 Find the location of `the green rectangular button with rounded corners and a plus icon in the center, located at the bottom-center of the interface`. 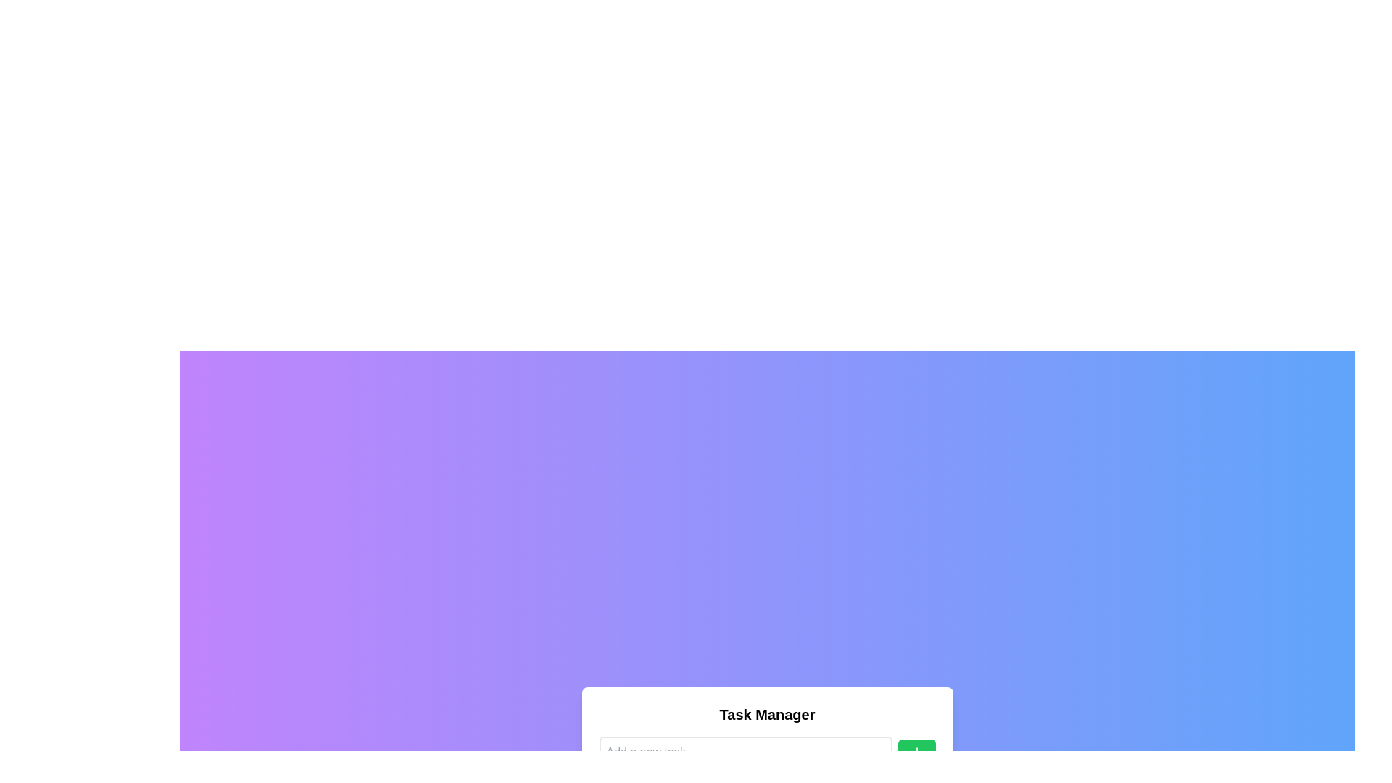

the green rectangular button with rounded corners and a plus icon in the center, located at the bottom-center of the interface is located at coordinates (916, 751).